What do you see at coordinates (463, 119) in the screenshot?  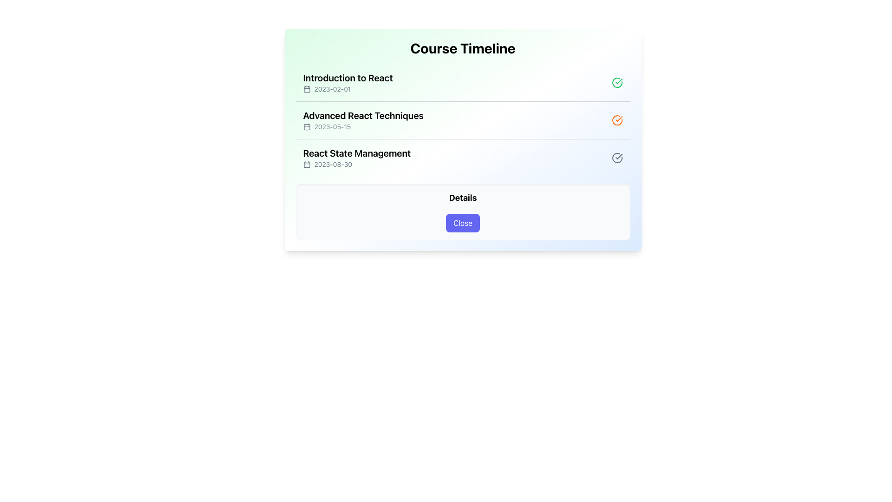 I see `the second List Item element in the 'Course Timeline' which displays the title 'Advanced React Techniques'` at bounding box center [463, 119].